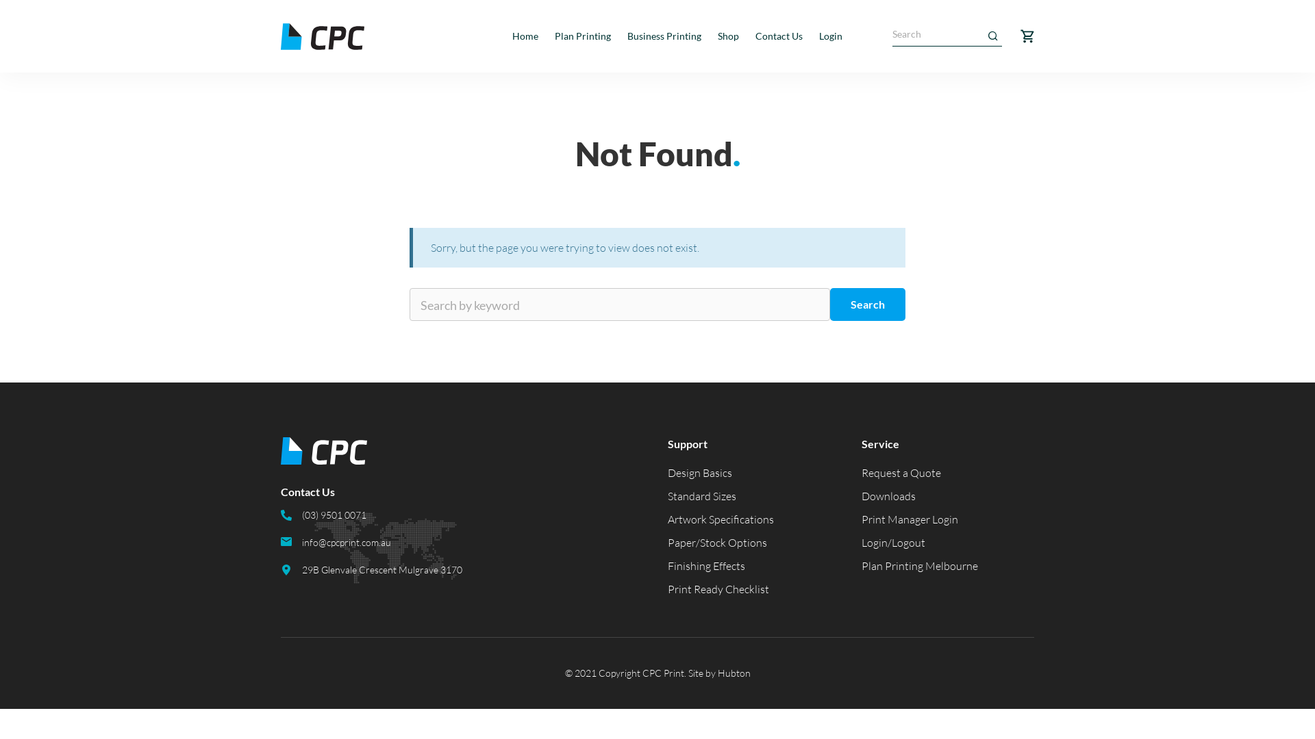  What do you see at coordinates (860, 496) in the screenshot?
I see `'Downloads'` at bounding box center [860, 496].